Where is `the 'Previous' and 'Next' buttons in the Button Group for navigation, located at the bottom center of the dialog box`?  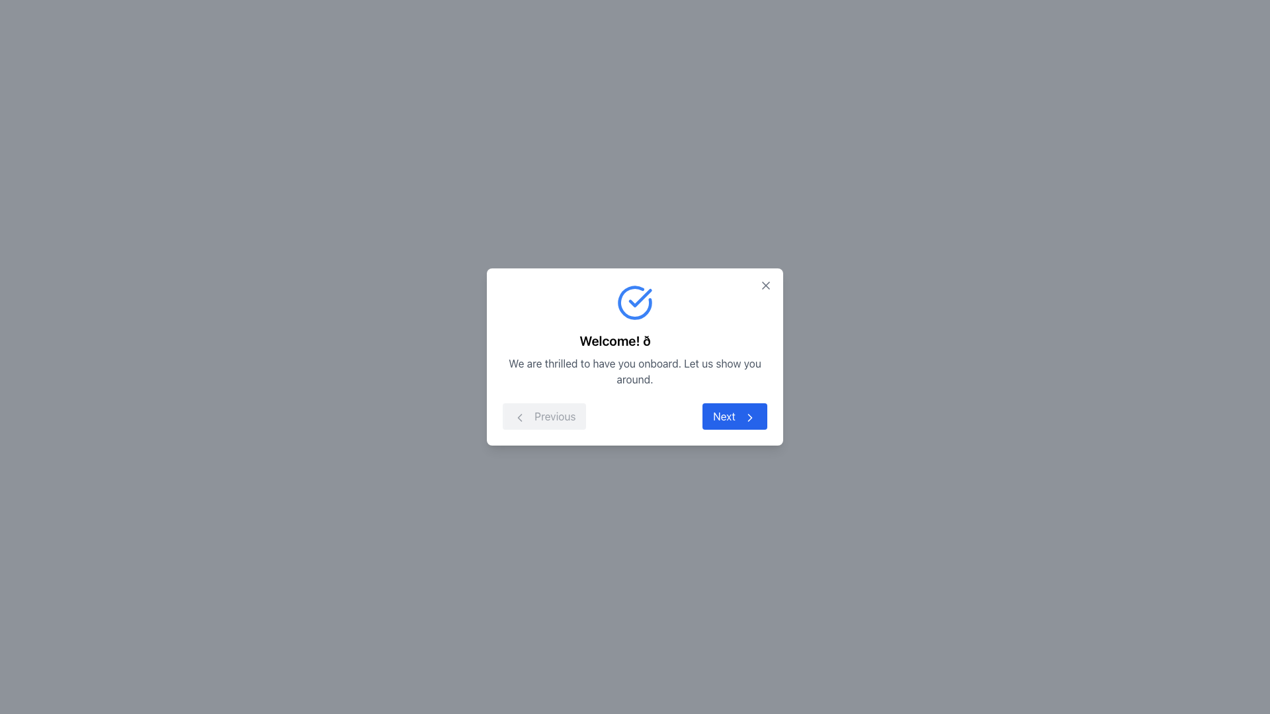
the 'Previous' and 'Next' buttons in the Button Group for navigation, located at the bottom center of the dialog box is located at coordinates (635, 415).